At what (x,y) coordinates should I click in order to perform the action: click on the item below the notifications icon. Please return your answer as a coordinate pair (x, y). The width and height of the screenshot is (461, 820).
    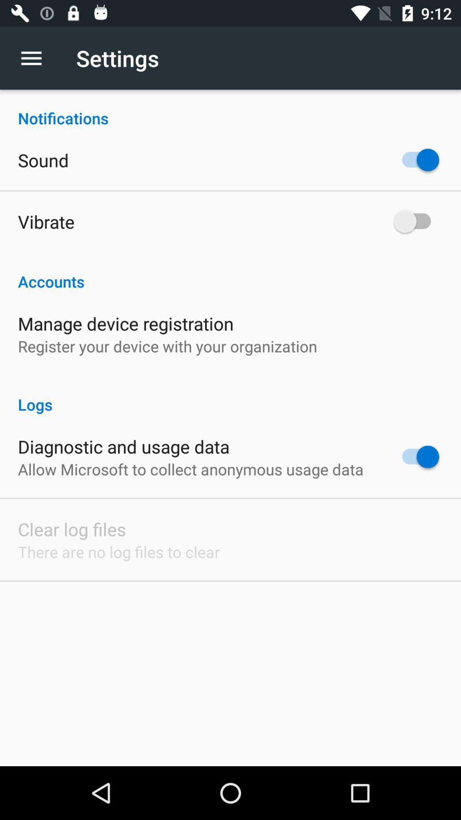
    Looking at the image, I should click on (43, 160).